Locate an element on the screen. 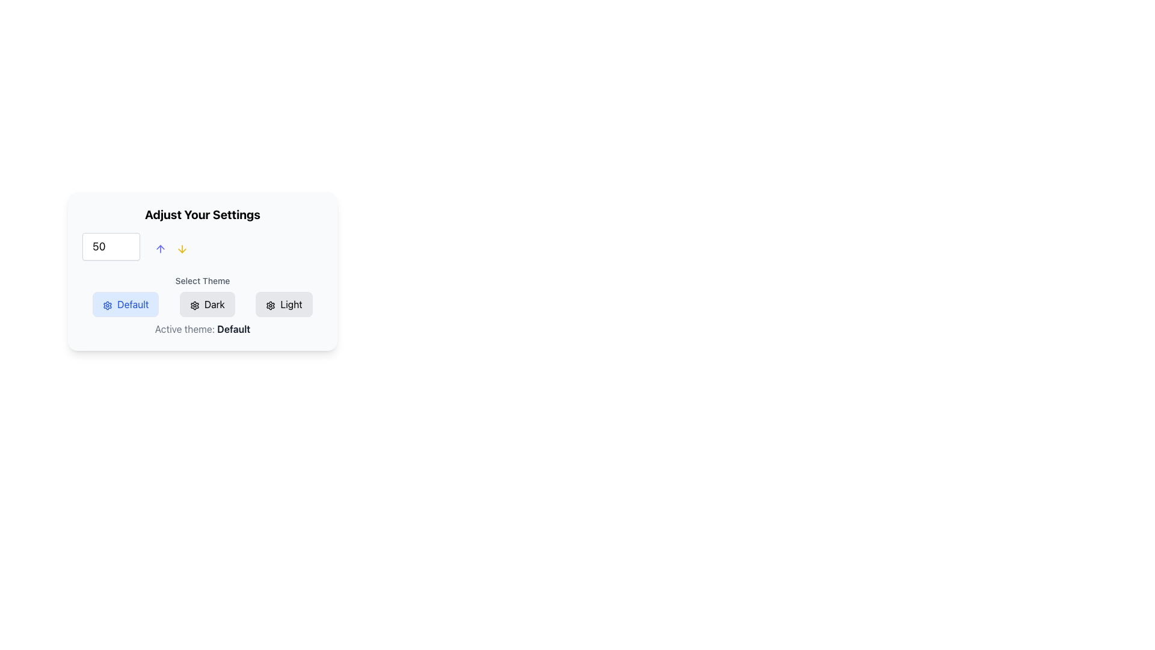 This screenshot has width=1155, height=650. the gear-shaped settings icon located in the middle of the 'Select Theme' section of the interactive UI card is located at coordinates (108, 305).